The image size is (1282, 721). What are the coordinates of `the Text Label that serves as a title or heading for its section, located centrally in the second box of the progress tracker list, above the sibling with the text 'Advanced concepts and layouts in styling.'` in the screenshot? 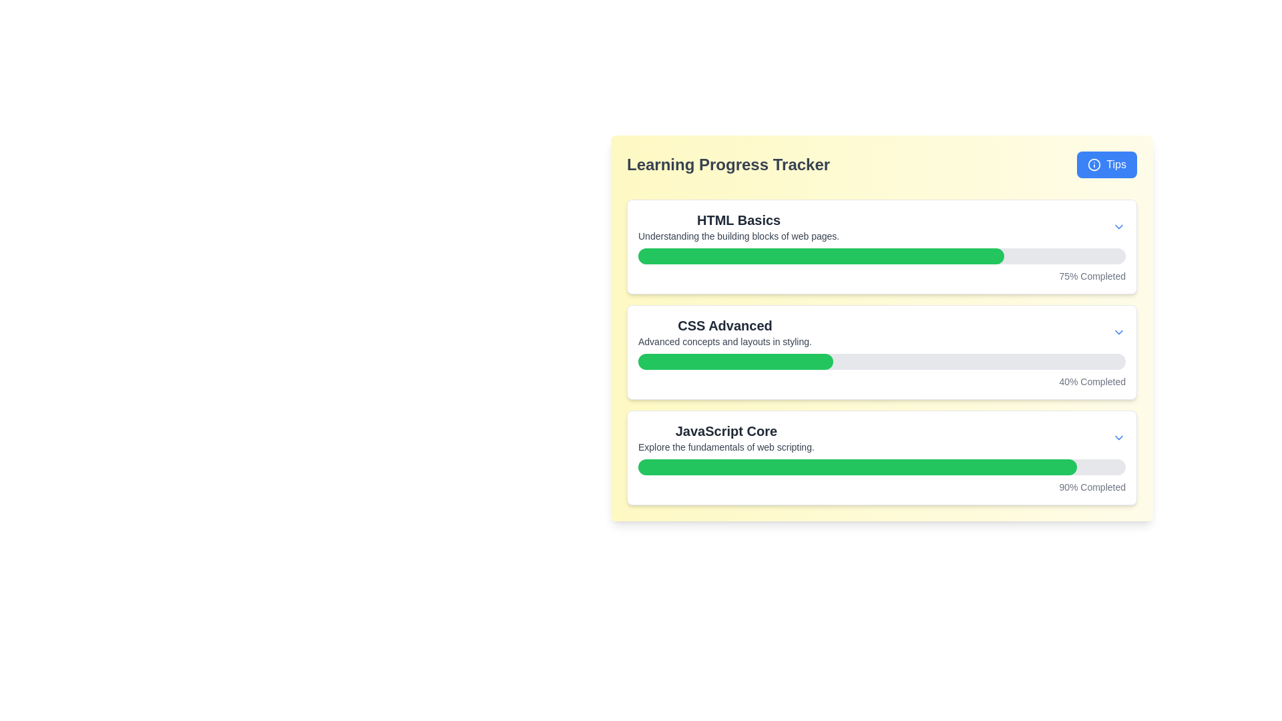 It's located at (724, 326).